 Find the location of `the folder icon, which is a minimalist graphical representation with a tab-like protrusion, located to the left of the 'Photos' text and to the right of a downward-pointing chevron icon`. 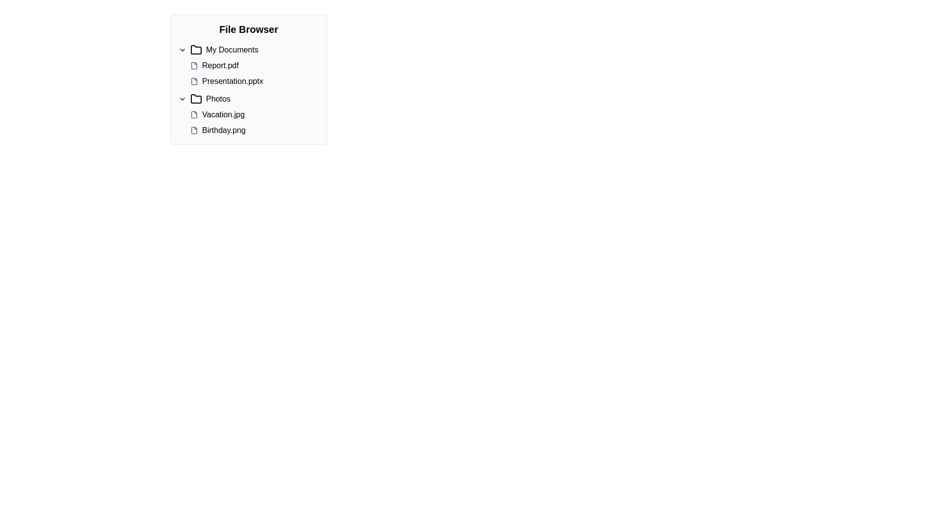

the folder icon, which is a minimalist graphical representation with a tab-like protrusion, located to the left of the 'Photos' text and to the right of a downward-pointing chevron icon is located at coordinates (196, 99).